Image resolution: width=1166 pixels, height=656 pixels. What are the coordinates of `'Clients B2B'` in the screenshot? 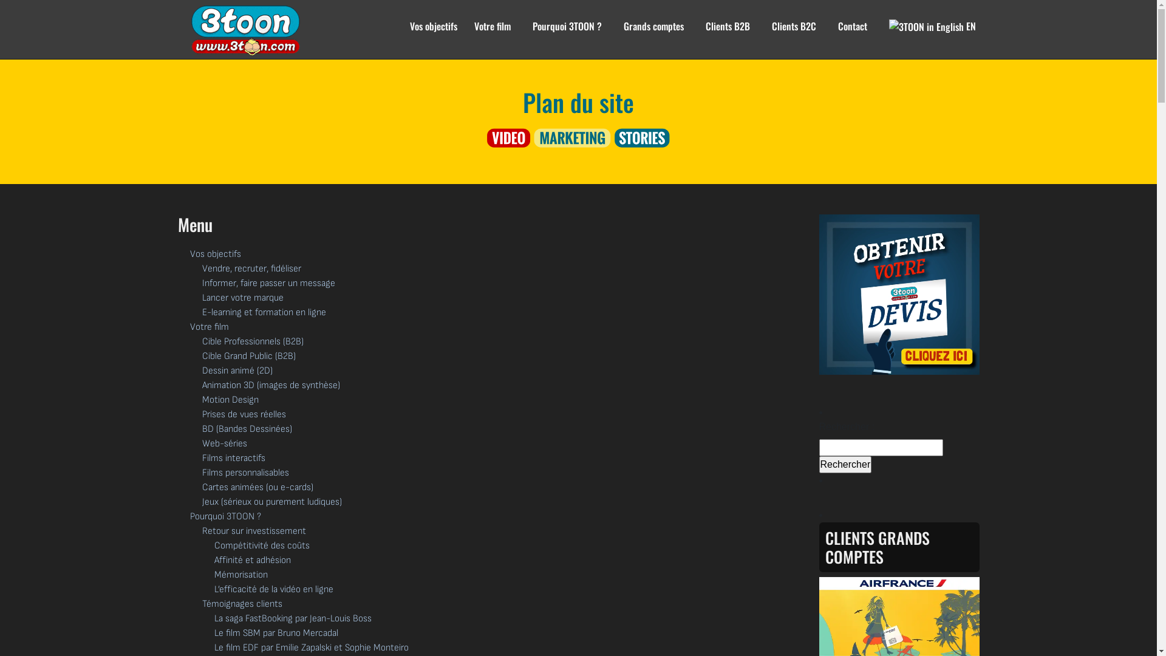 It's located at (728, 33).